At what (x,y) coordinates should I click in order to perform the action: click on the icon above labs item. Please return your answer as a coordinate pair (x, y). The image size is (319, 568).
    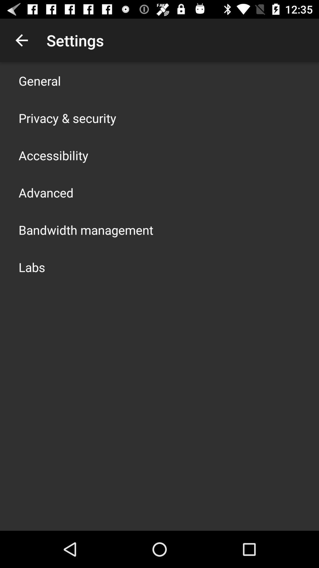
    Looking at the image, I should click on (86, 230).